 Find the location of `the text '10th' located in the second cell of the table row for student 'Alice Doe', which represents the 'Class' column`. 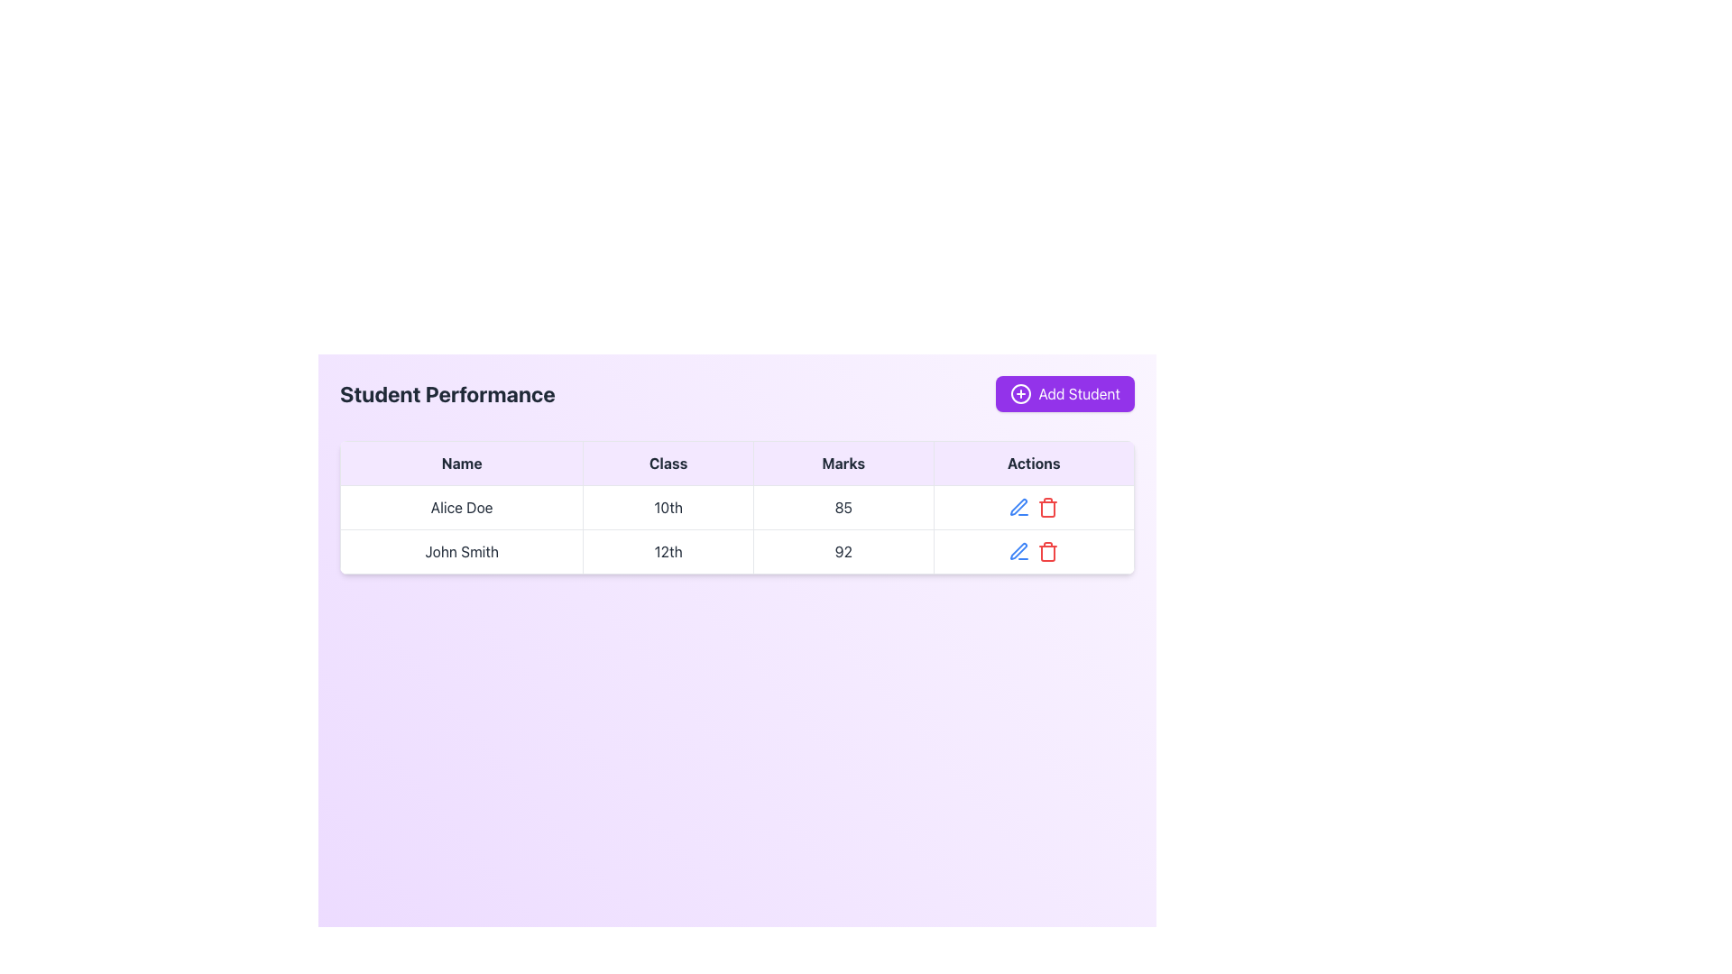

the text '10th' located in the second cell of the table row for student 'Alice Doe', which represents the 'Class' column is located at coordinates (668, 508).